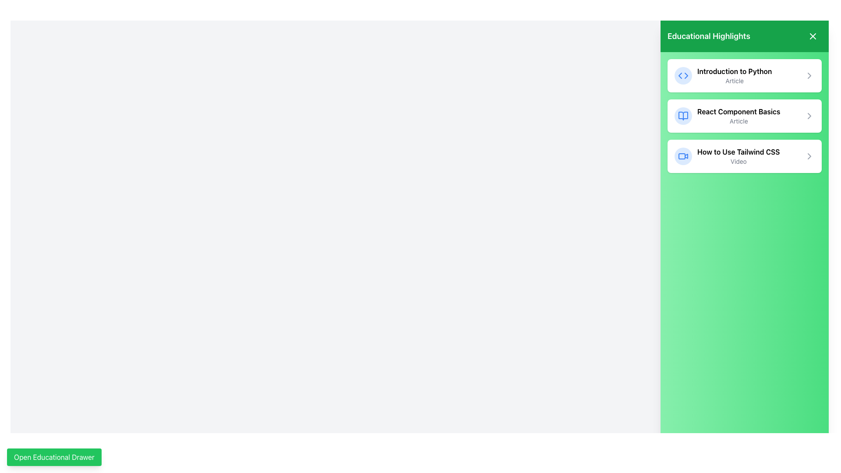 This screenshot has width=841, height=473. What do you see at coordinates (683, 116) in the screenshot?
I see `the bottom part of the open book icon located in the Educational Highlights section, adjacent to the 'React Component Basics' article` at bounding box center [683, 116].